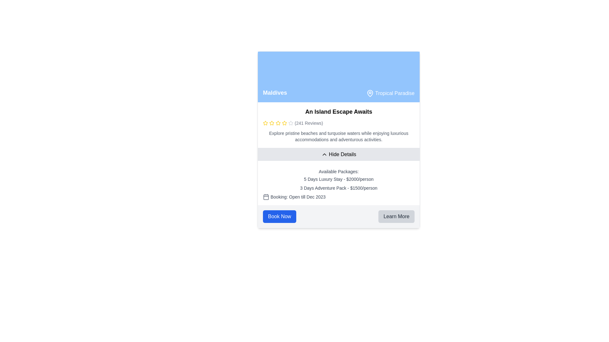 This screenshot has height=342, width=609. I want to click on the calendar icon, which is a square outline with rounded corners and two binding lines at the top, located to the left of the text 'Booking: Open till Dec 2023', so click(266, 196).